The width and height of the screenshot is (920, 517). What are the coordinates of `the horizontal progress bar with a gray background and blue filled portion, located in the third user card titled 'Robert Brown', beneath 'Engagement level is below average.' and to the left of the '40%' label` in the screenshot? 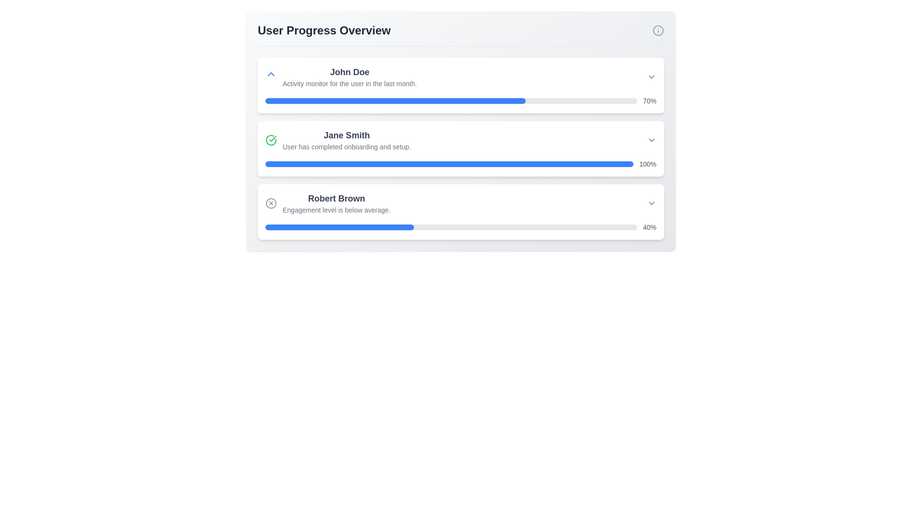 It's located at (450, 227).